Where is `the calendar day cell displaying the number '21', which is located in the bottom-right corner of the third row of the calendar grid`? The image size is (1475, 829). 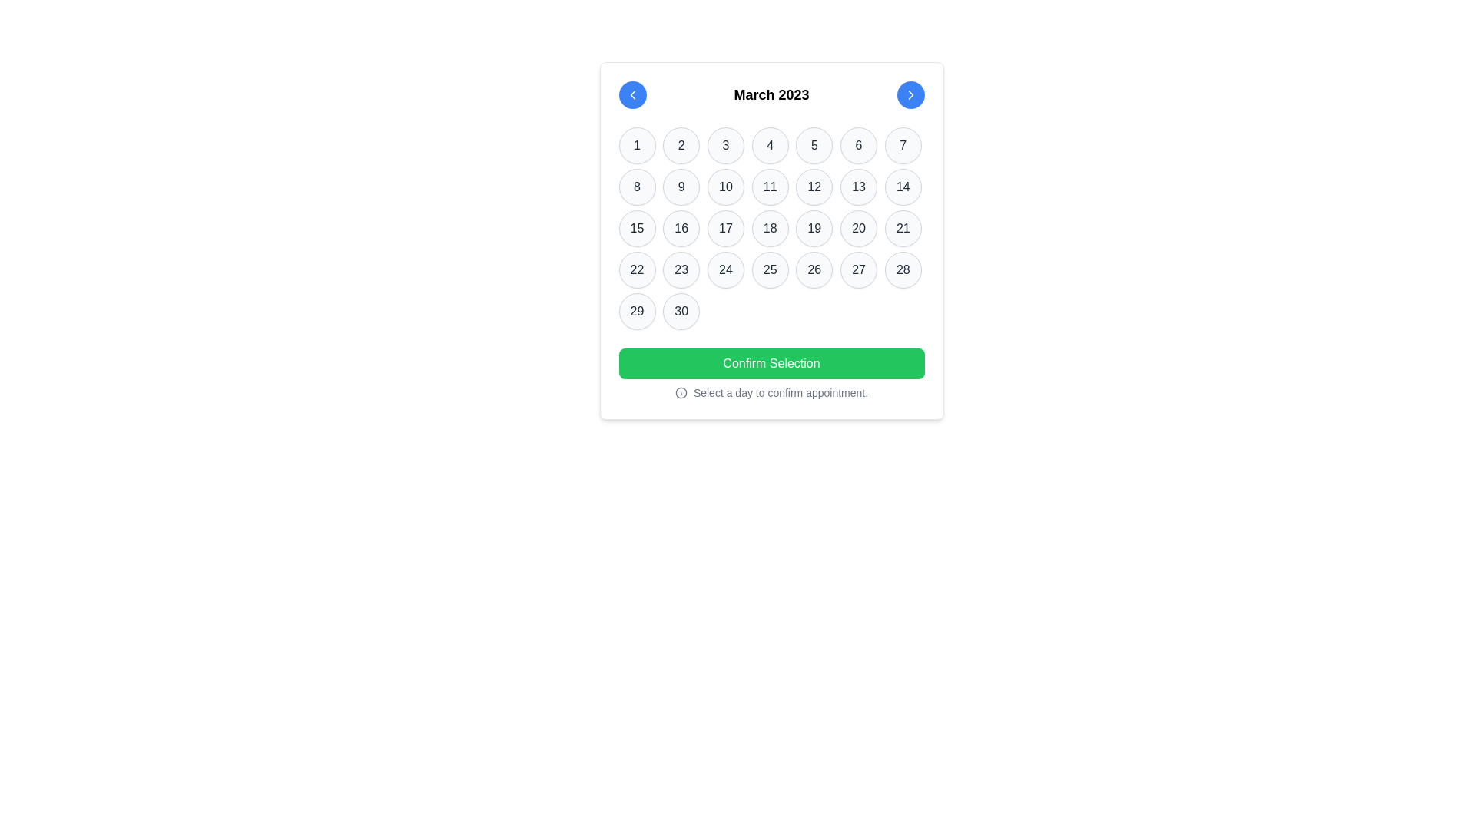 the calendar day cell displaying the number '21', which is located in the bottom-right corner of the third row of the calendar grid is located at coordinates (903, 228).